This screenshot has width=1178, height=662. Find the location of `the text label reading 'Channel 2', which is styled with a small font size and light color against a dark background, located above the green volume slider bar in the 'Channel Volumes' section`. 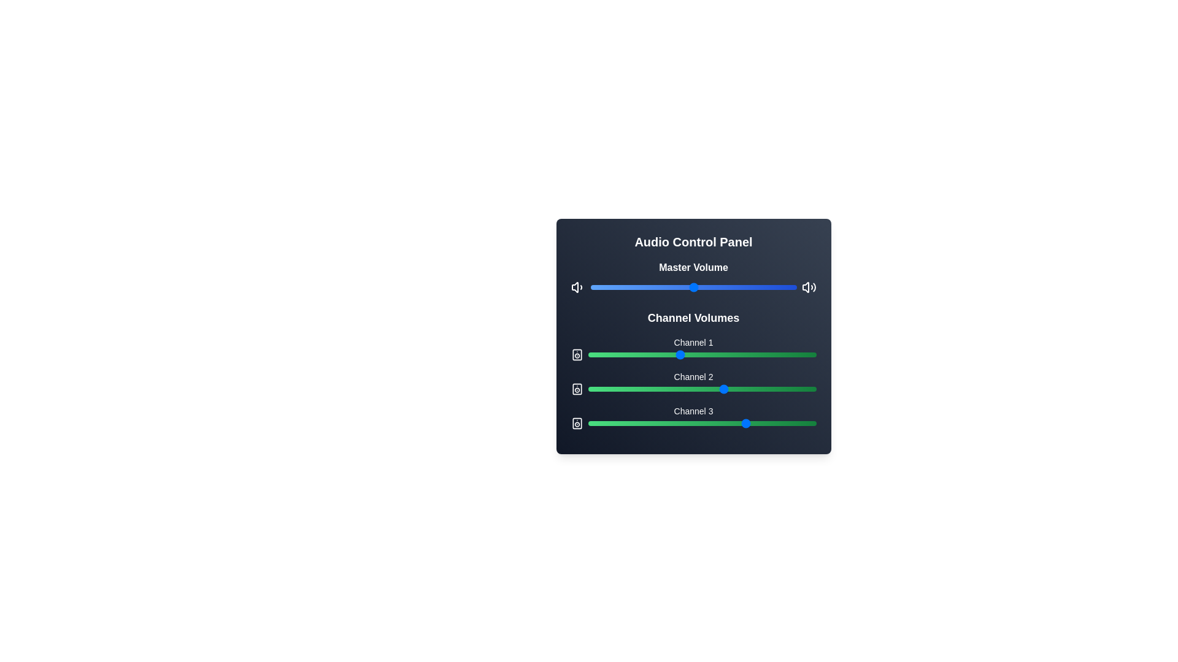

the text label reading 'Channel 2', which is styled with a small font size and light color against a dark background, located above the green volume slider bar in the 'Channel Volumes' section is located at coordinates (693, 376).